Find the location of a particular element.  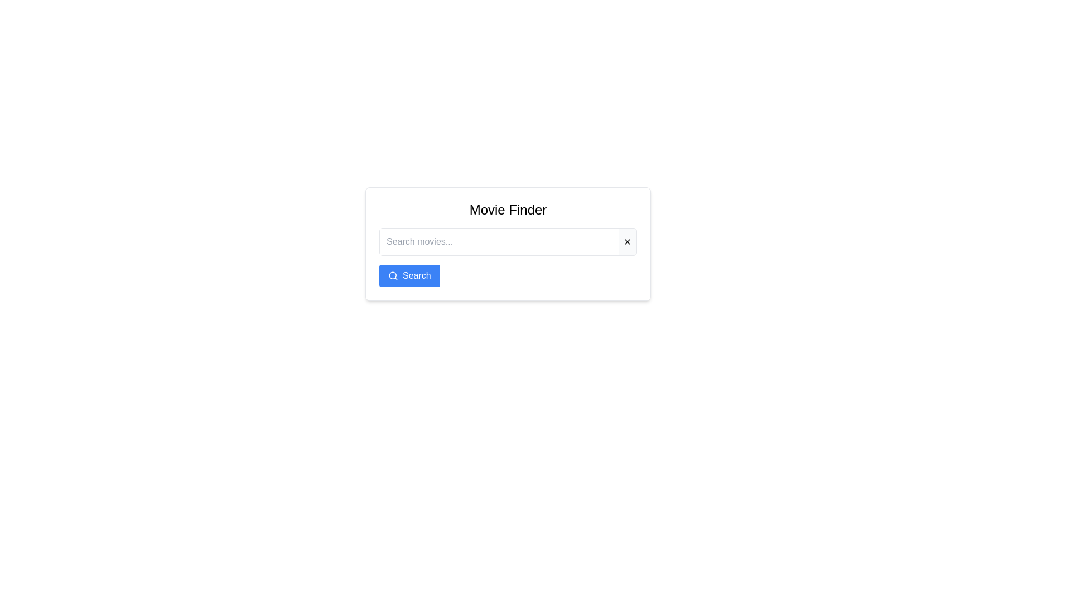

the search icon located within the blue 'Search' button in the lower right corner of the search interface is located at coordinates (393, 275).